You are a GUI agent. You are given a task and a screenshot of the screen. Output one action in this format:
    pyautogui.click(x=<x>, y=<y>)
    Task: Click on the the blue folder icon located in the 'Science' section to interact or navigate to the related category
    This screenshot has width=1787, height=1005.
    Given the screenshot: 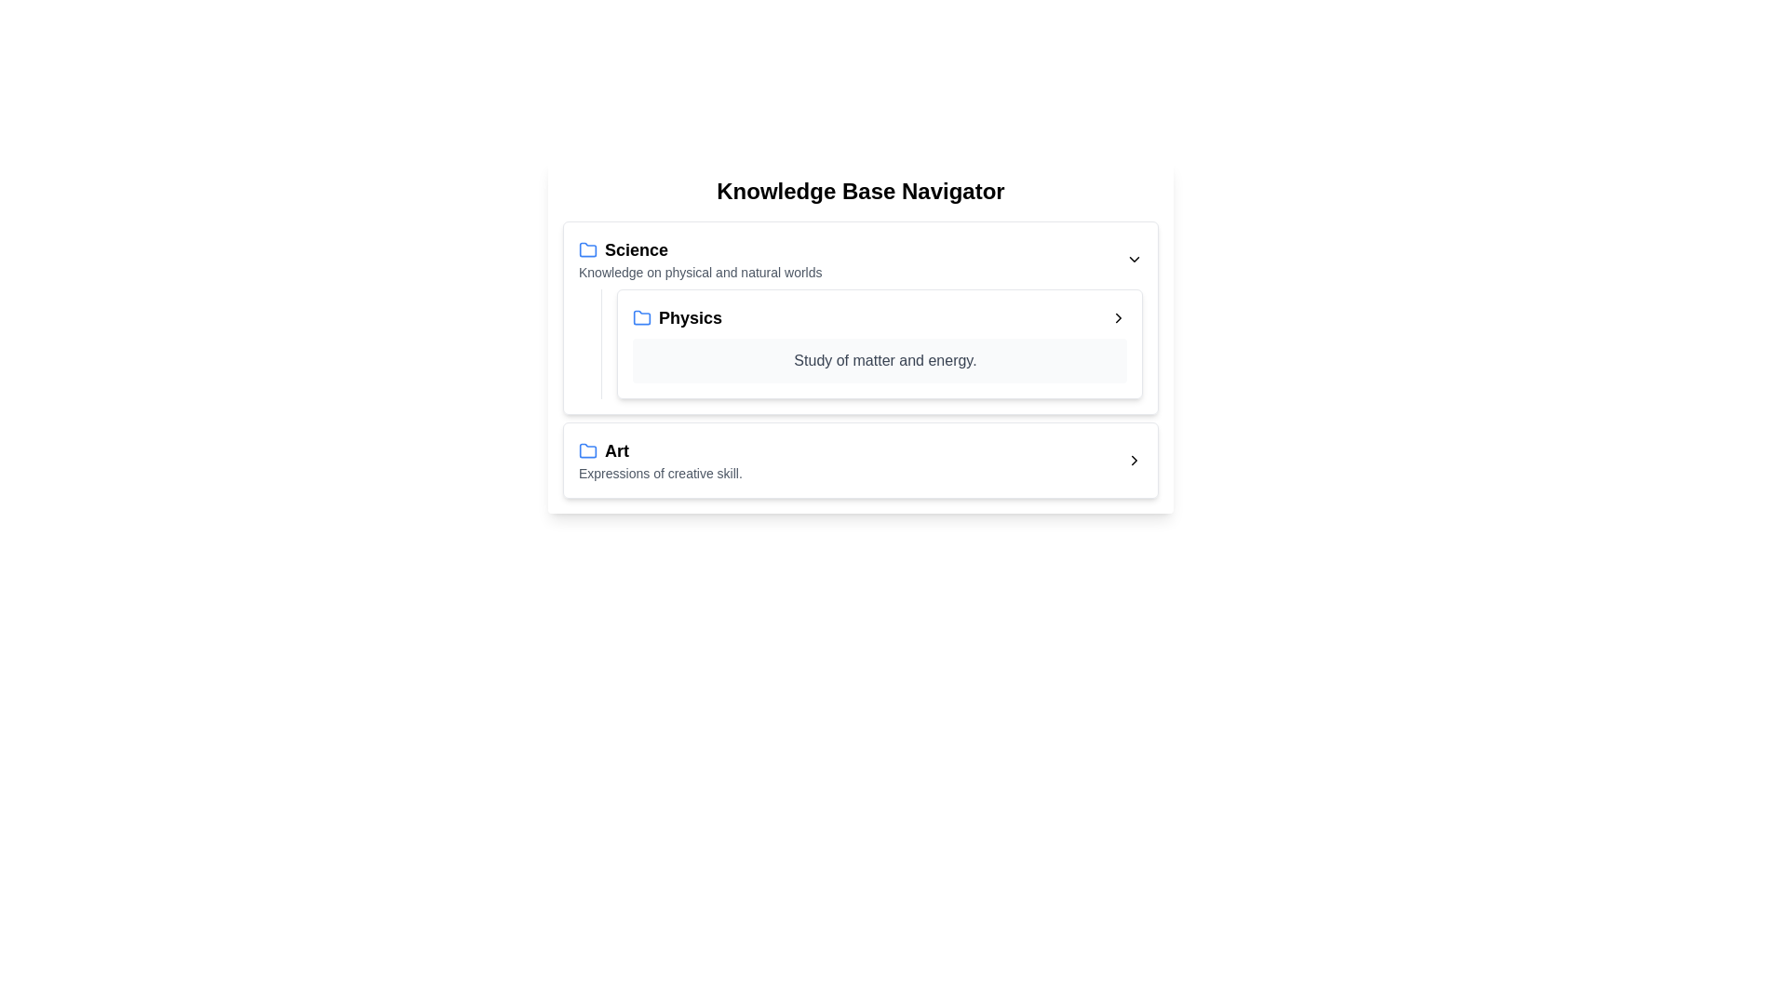 What is the action you would take?
    pyautogui.click(x=587, y=248)
    